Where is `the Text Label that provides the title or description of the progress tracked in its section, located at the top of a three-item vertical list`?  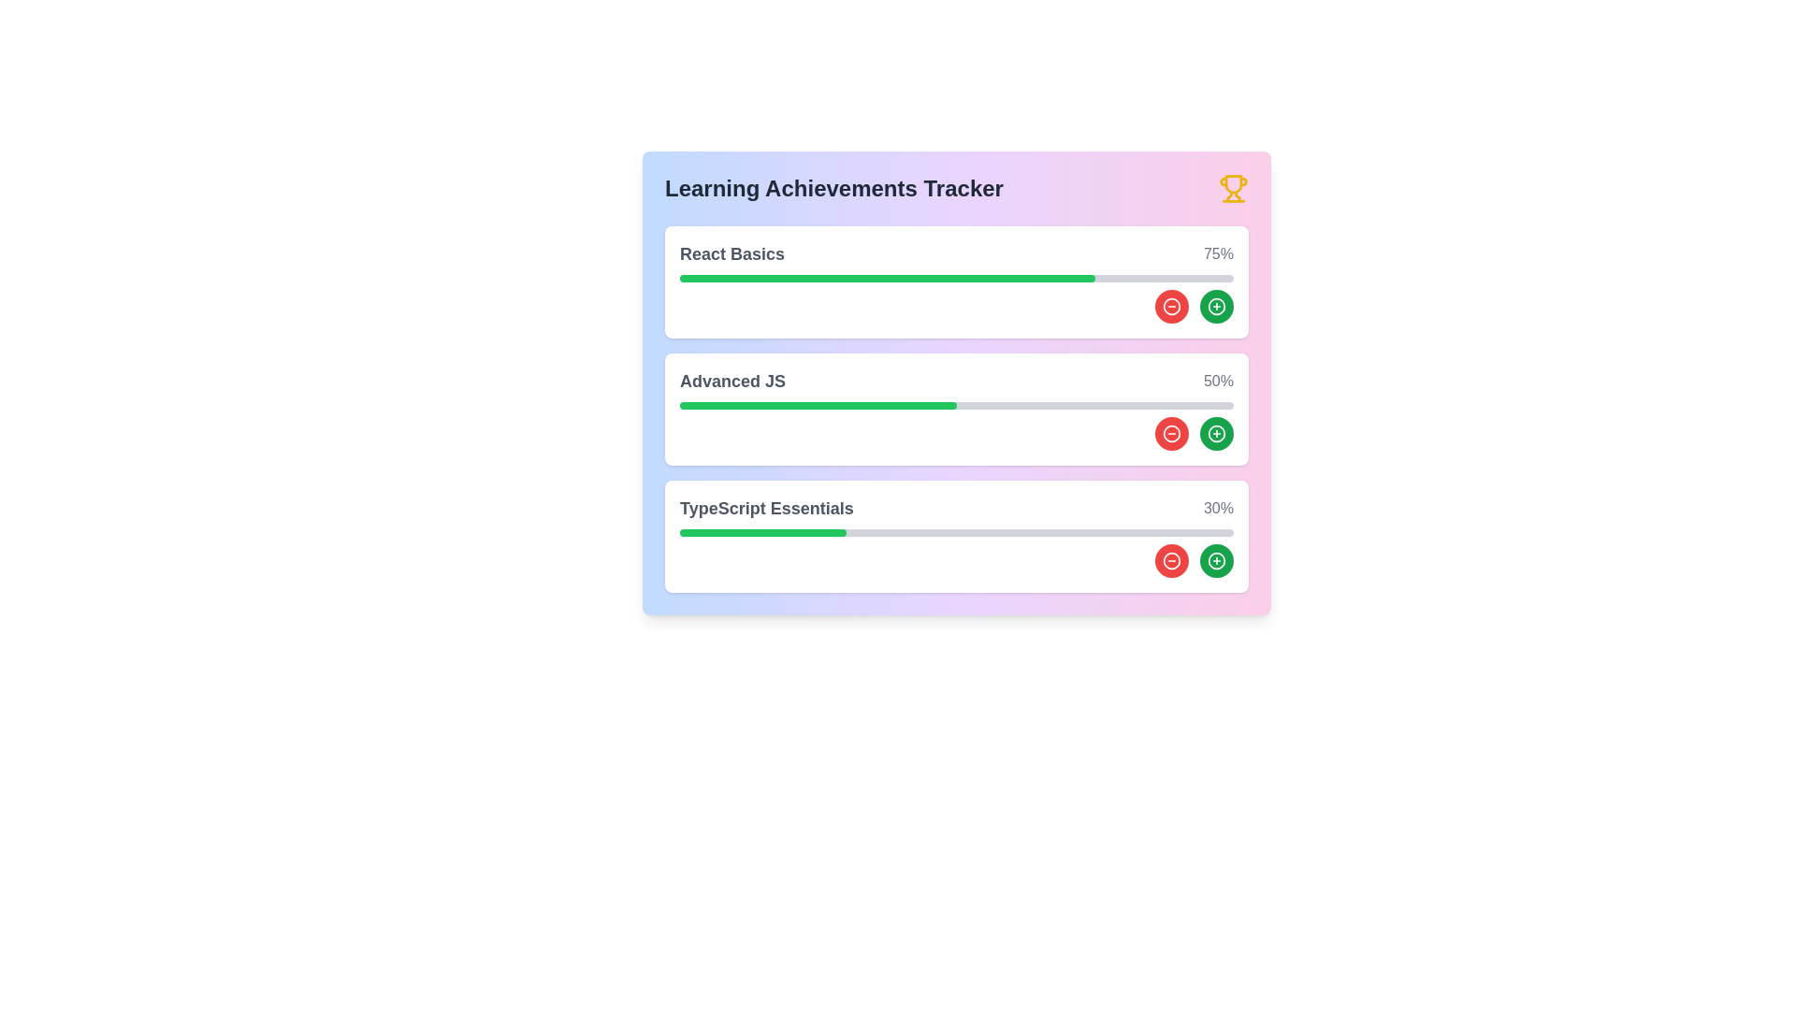
the Text Label that provides the title or description of the progress tracked in its section, located at the top of a three-item vertical list is located at coordinates (731, 254).